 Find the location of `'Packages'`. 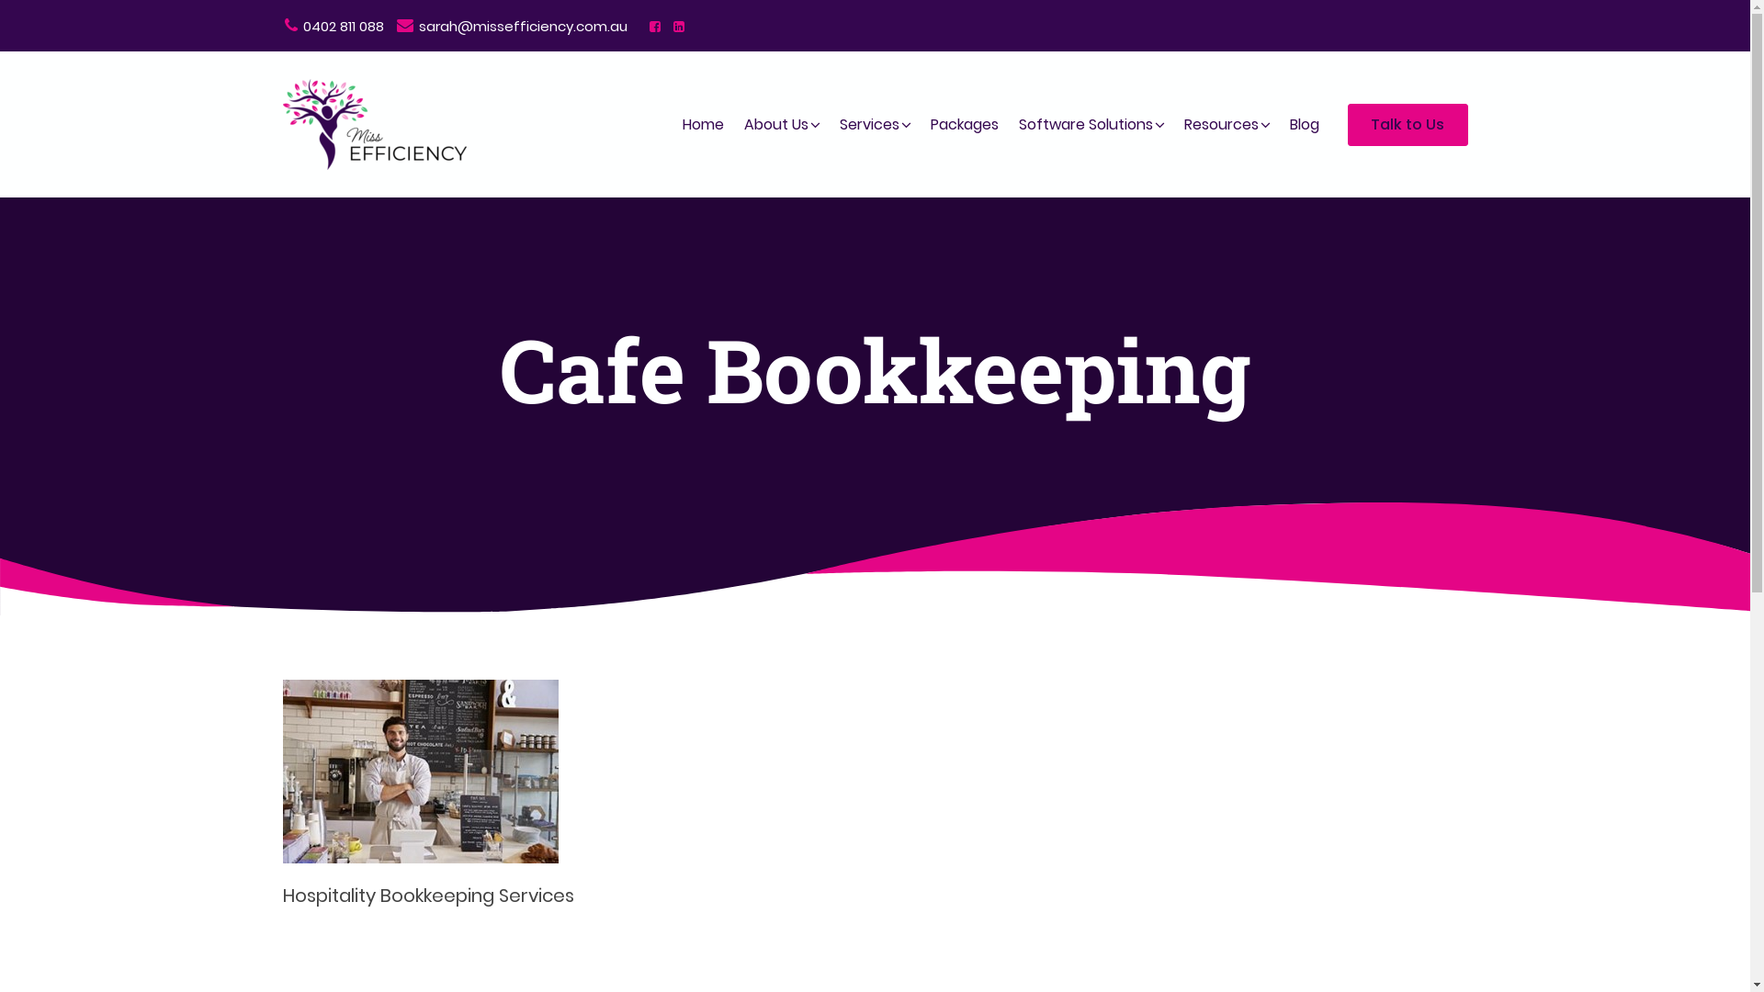

'Packages' is located at coordinates (926, 124).